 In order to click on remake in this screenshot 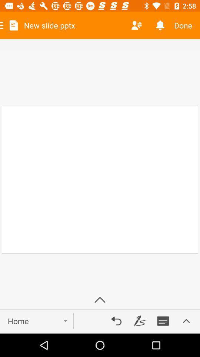, I will do `click(116, 321)`.